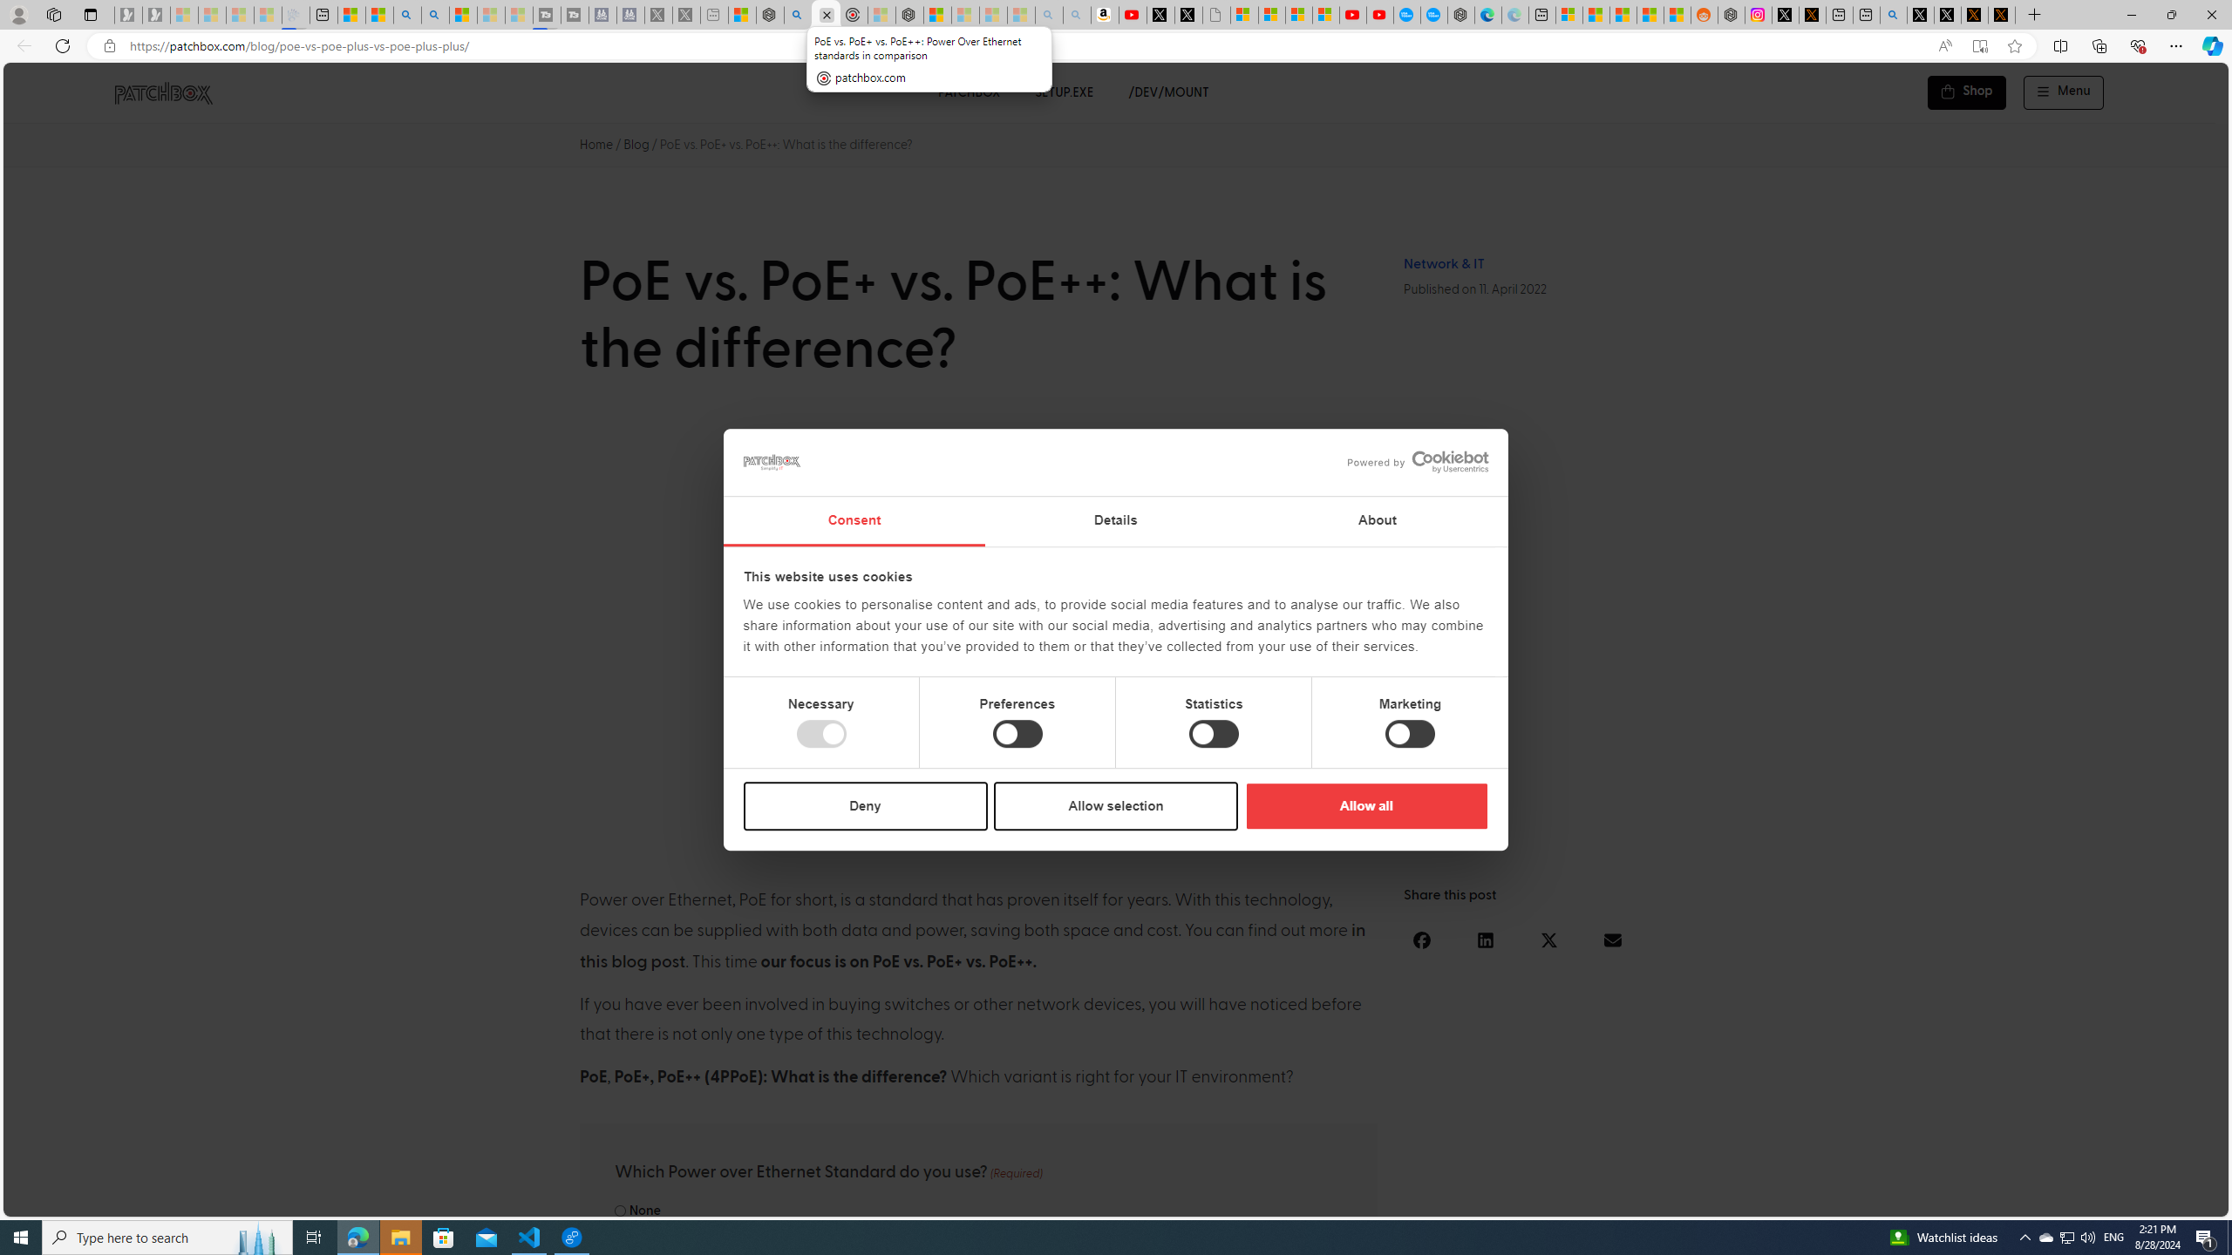 Image resolution: width=2232 pixels, height=1255 pixels. What do you see at coordinates (1919, 14) in the screenshot?
I see `'Profile / X'` at bounding box center [1919, 14].